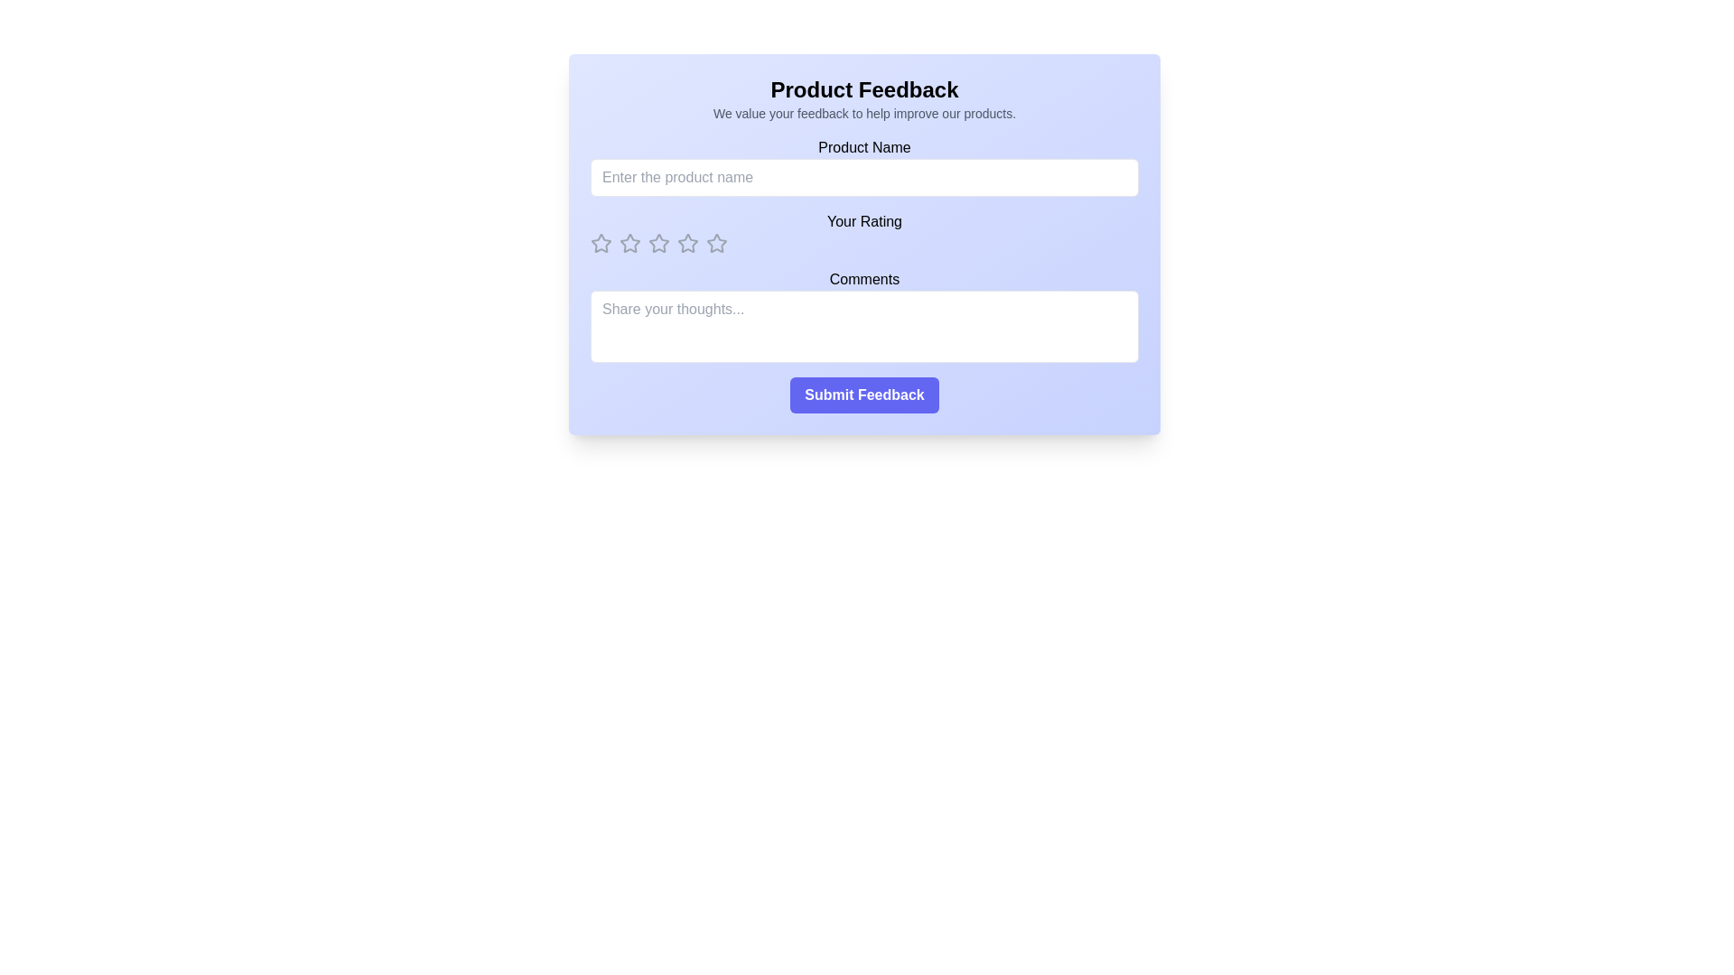 The width and height of the screenshot is (1734, 975). What do you see at coordinates (715, 242) in the screenshot?
I see `the second star-shaped icon in the rating section of the feedback form` at bounding box center [715, 242].